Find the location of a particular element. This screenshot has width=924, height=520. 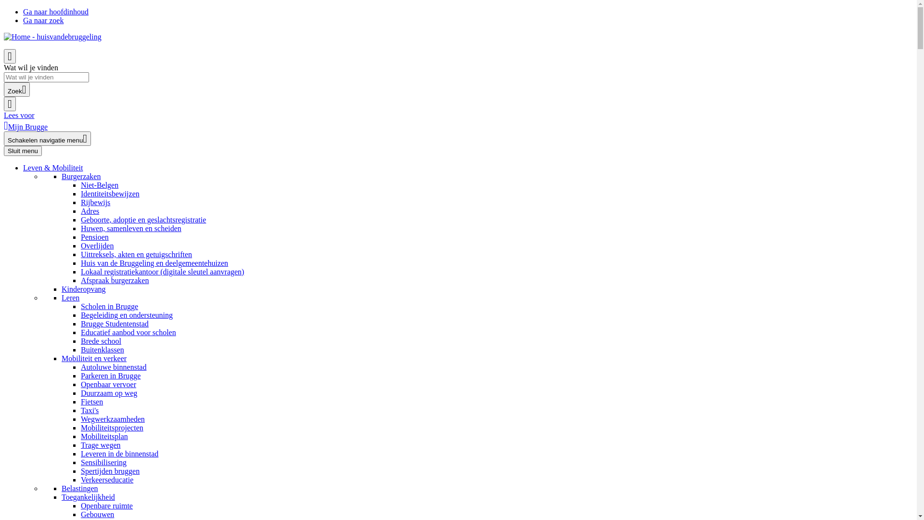

'Fietsen' is located at coordinates (92, 402).